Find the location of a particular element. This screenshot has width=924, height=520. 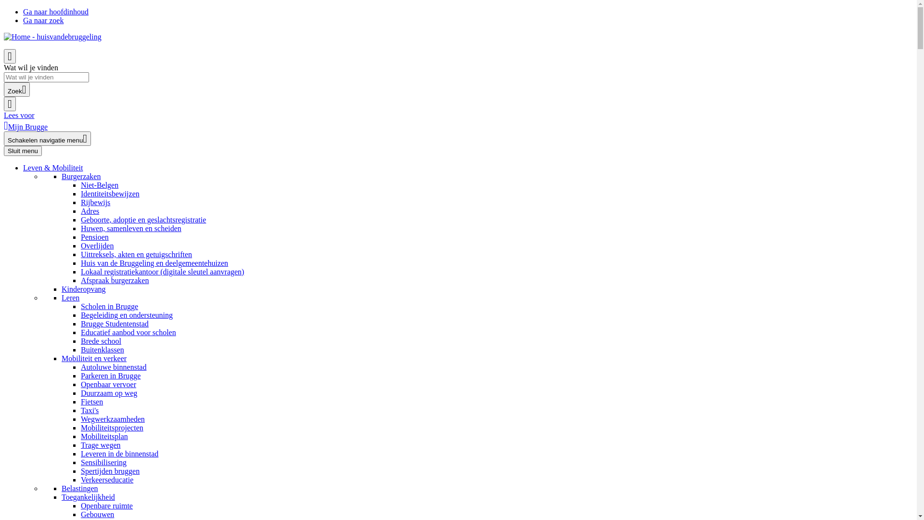

'Fietsen' is located at coordinates (92, 402).